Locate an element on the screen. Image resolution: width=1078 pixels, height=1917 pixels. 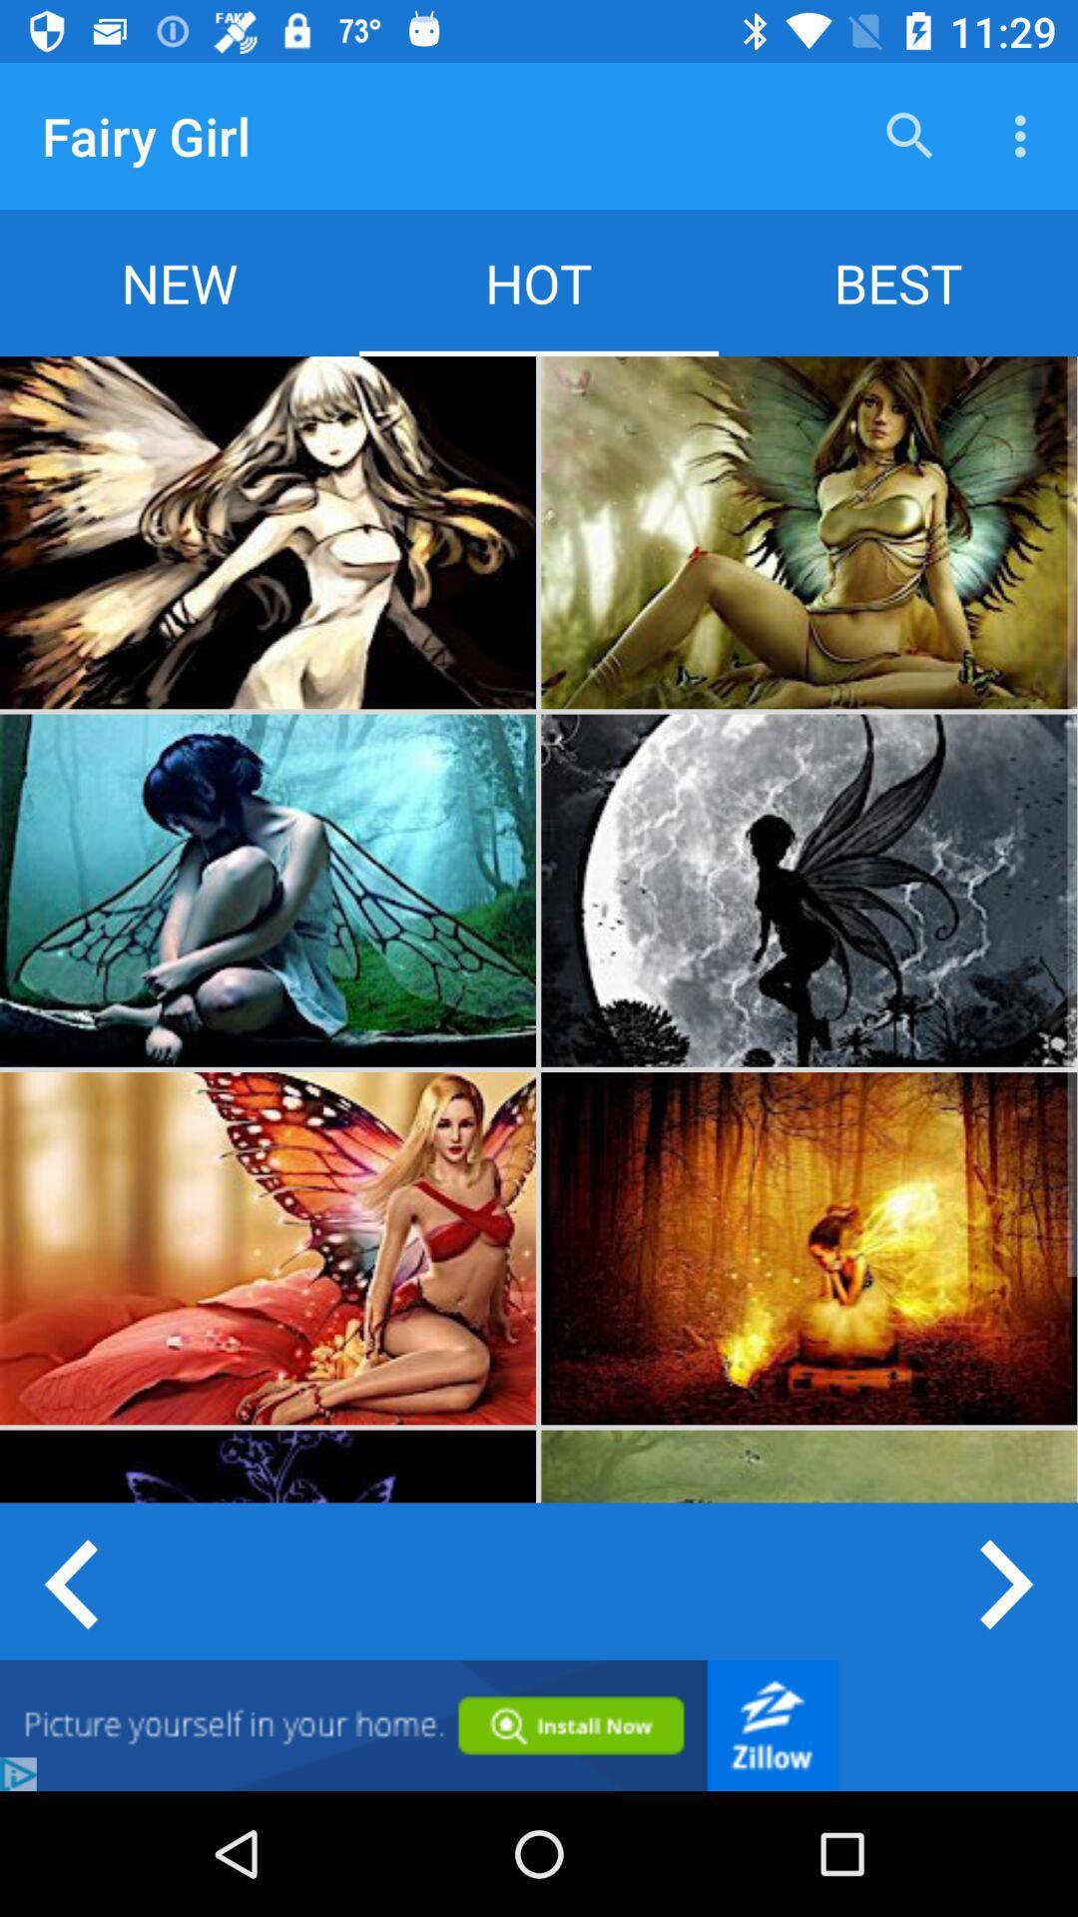
the icon next to the fairy girl is located at coordinates (909, 135).